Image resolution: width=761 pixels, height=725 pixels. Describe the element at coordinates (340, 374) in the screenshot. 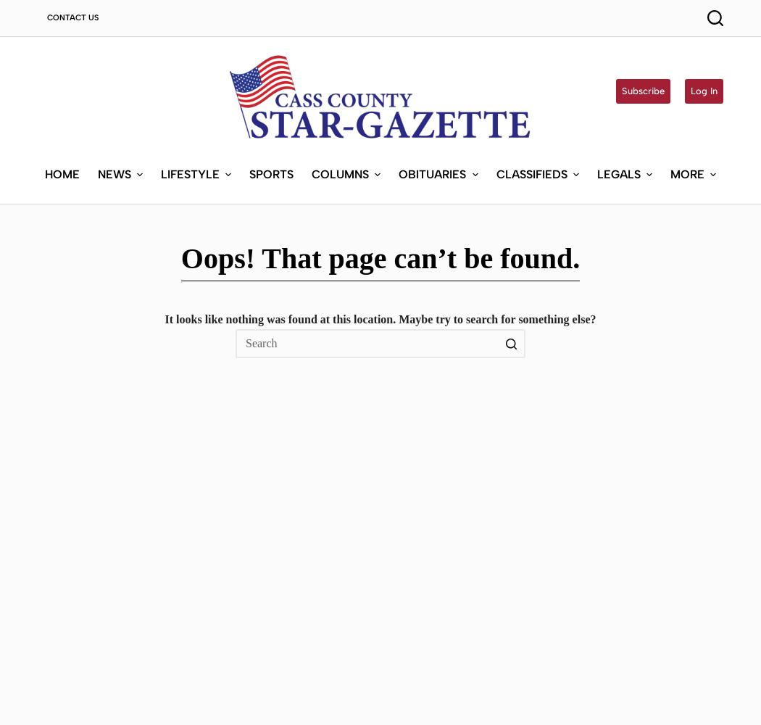

I see `'Trivia Too'` at that location.